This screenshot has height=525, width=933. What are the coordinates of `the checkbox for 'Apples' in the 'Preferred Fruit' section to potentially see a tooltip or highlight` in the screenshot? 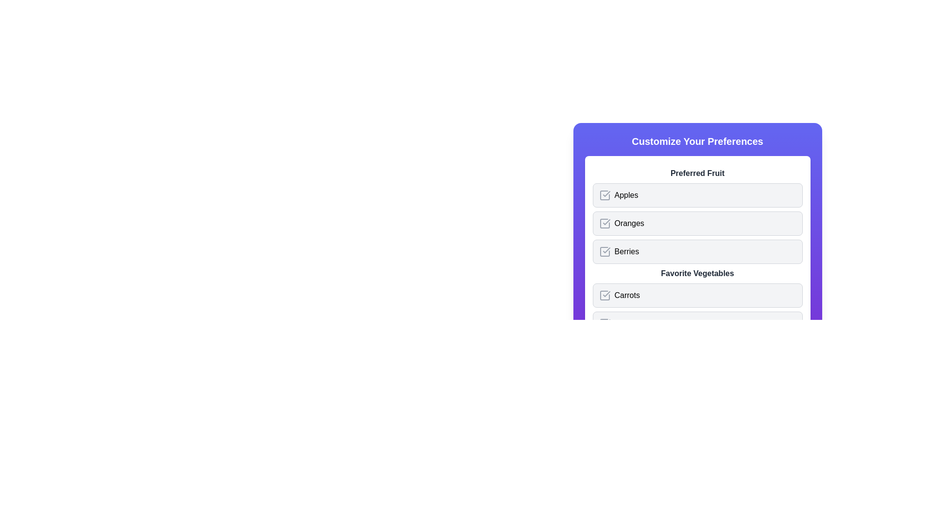 It's located at (604, 195).